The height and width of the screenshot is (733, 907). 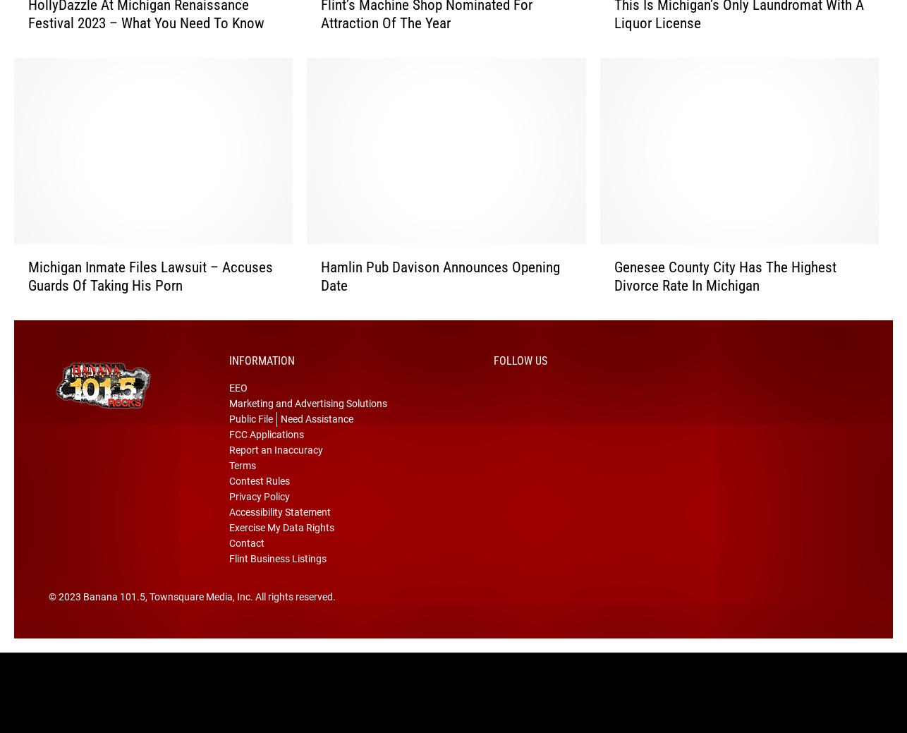 What do you see at coordinates (197, 615) in the screenshot?
I see `', Townsquare Media, Inc'` at bounding box center [197, 615].